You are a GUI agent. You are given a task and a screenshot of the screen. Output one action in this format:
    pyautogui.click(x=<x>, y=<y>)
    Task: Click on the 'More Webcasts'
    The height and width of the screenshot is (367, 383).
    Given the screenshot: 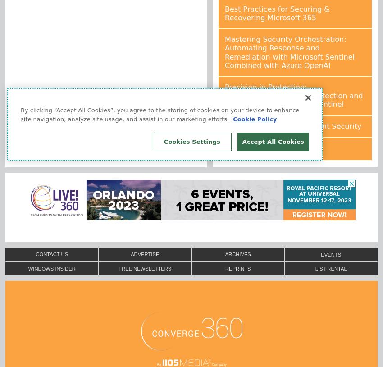 What is the action you would take?
    pyautogui.click(x=252, y=148)
    